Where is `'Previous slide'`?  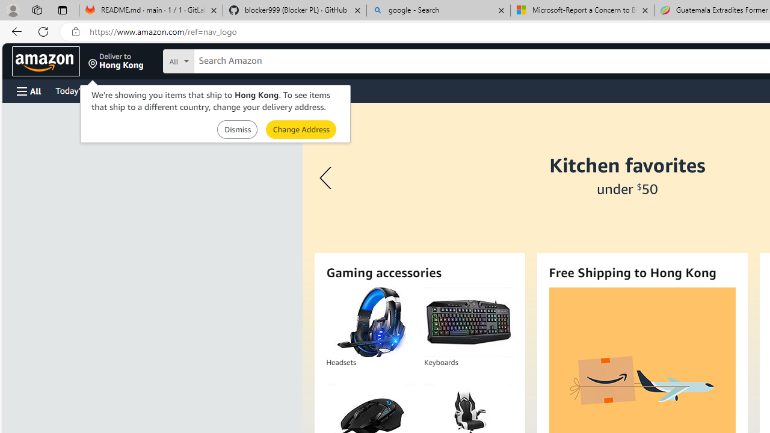 'Previous slide' is located at coordinates (327, 178).